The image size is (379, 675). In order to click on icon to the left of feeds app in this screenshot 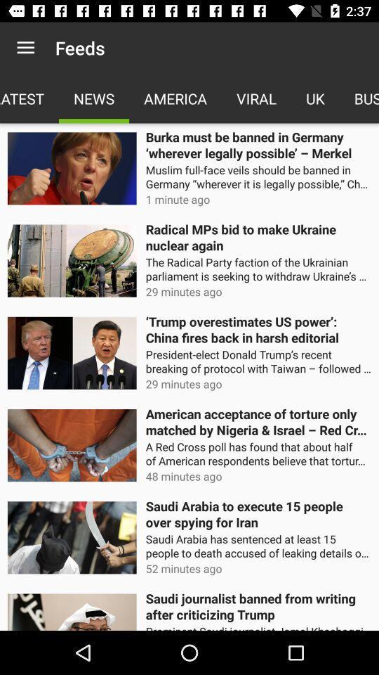, I will do `click(25, 48)`.